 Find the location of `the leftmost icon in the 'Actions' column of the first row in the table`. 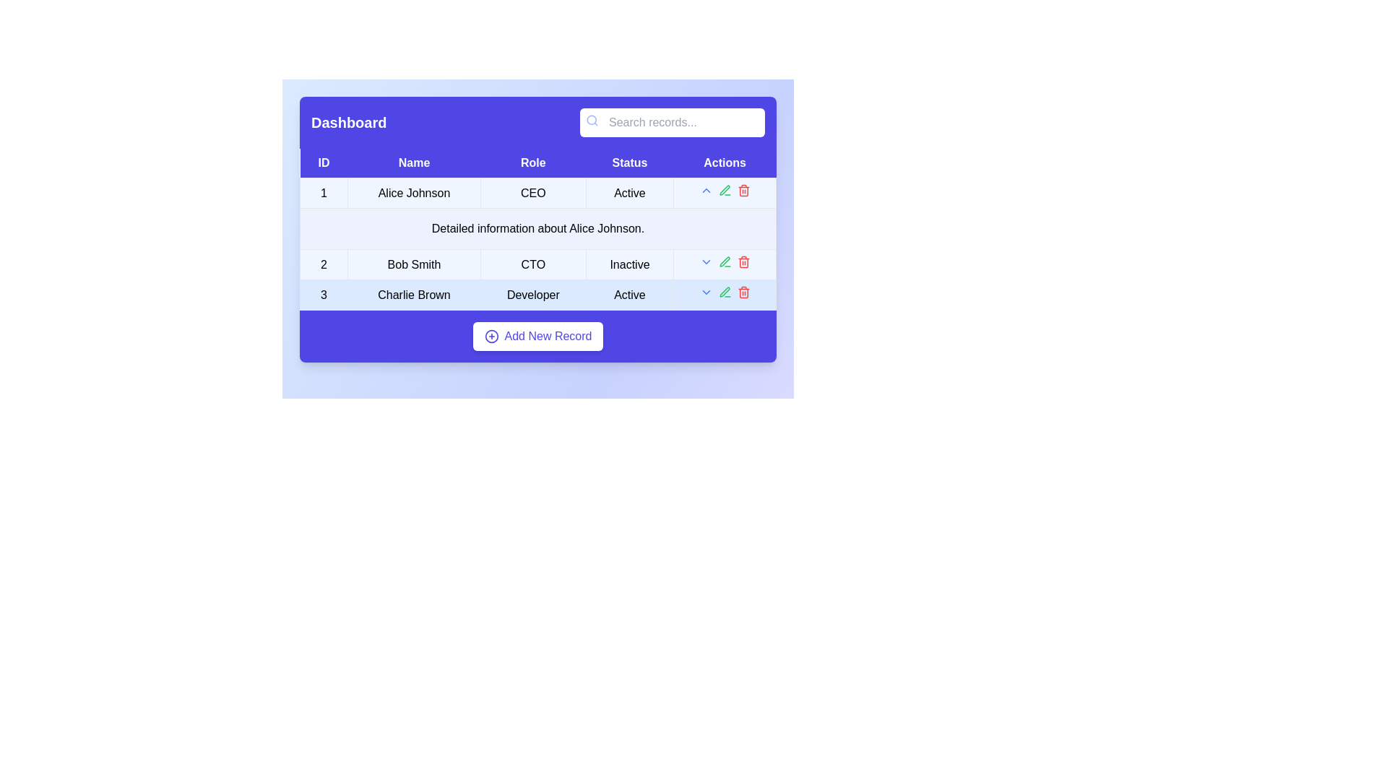

the leftmost icon in the 'Actions' column of the first row in the table is located at coordinates (706, 189).